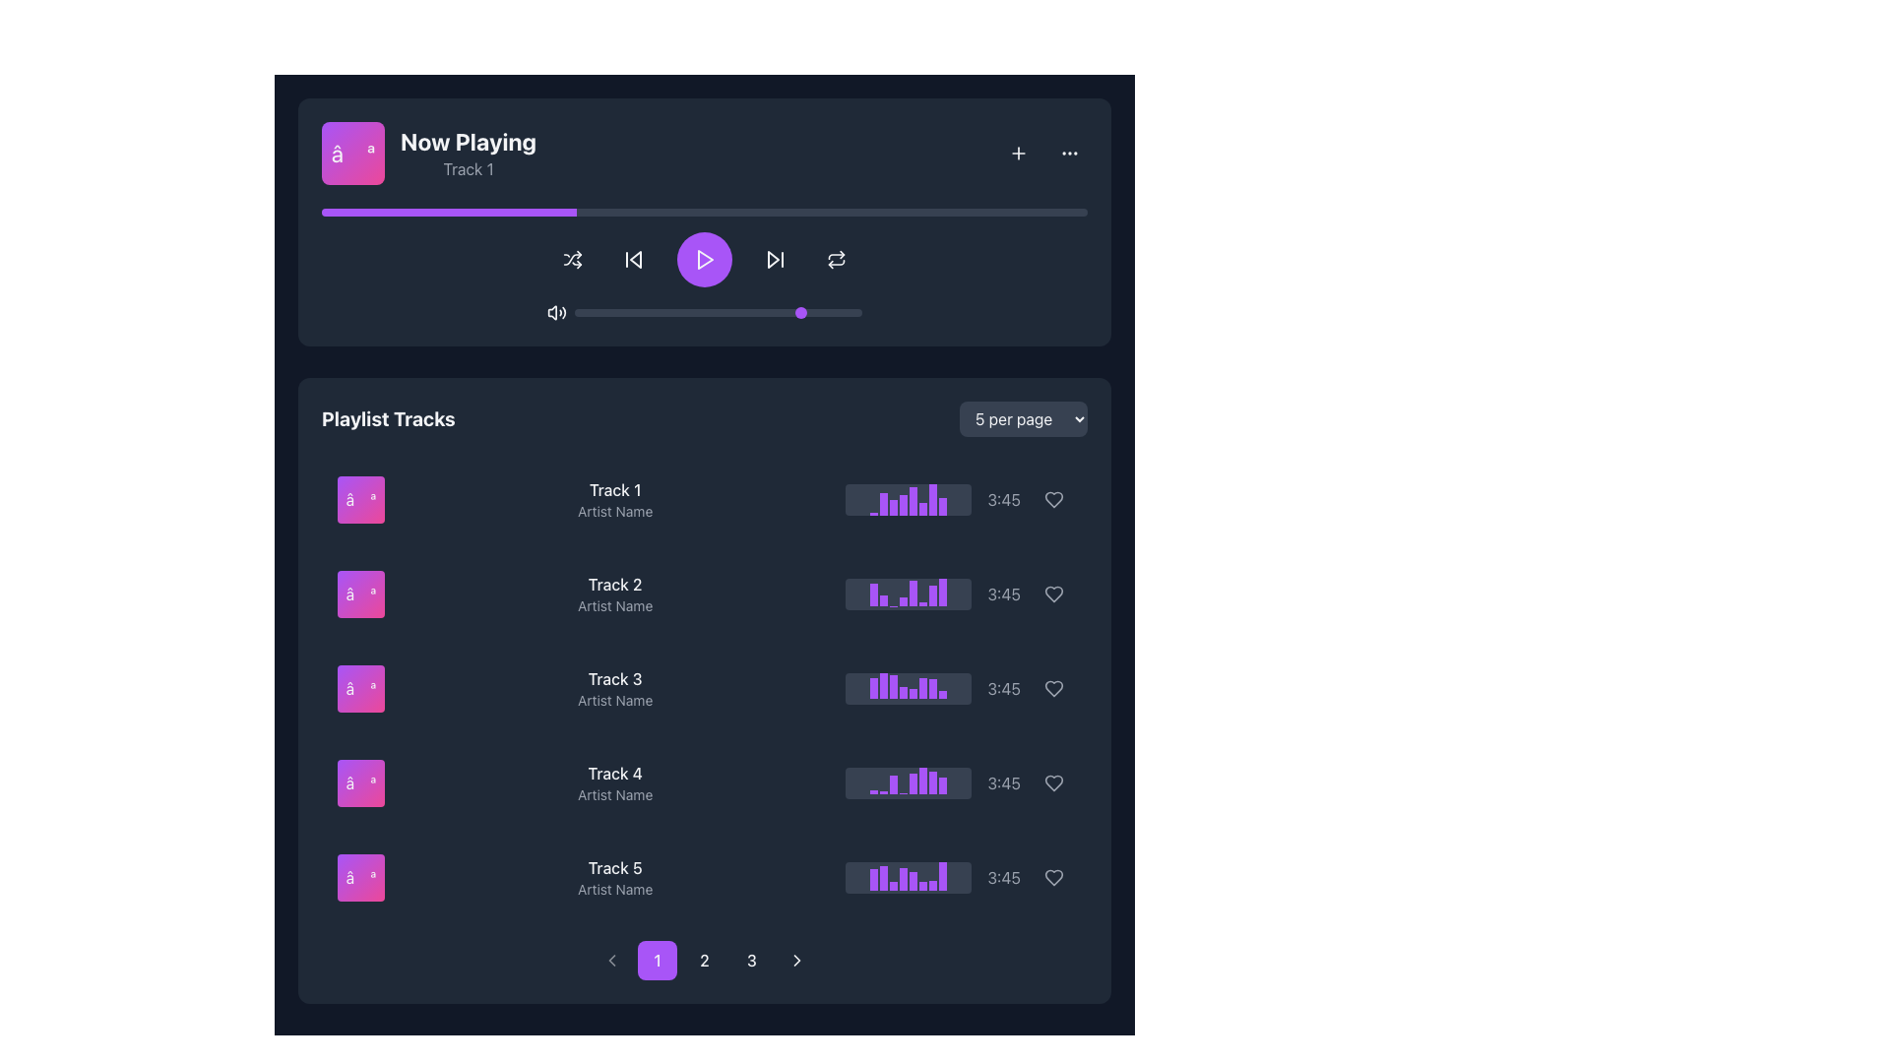 The height and width of the screenshot is (1063, 1890). I want to click on the circular shuffle button with a dark background and white icon located in the playback controller section of the media player interface, positioned to the left of the previous track button, so click(571, 258).